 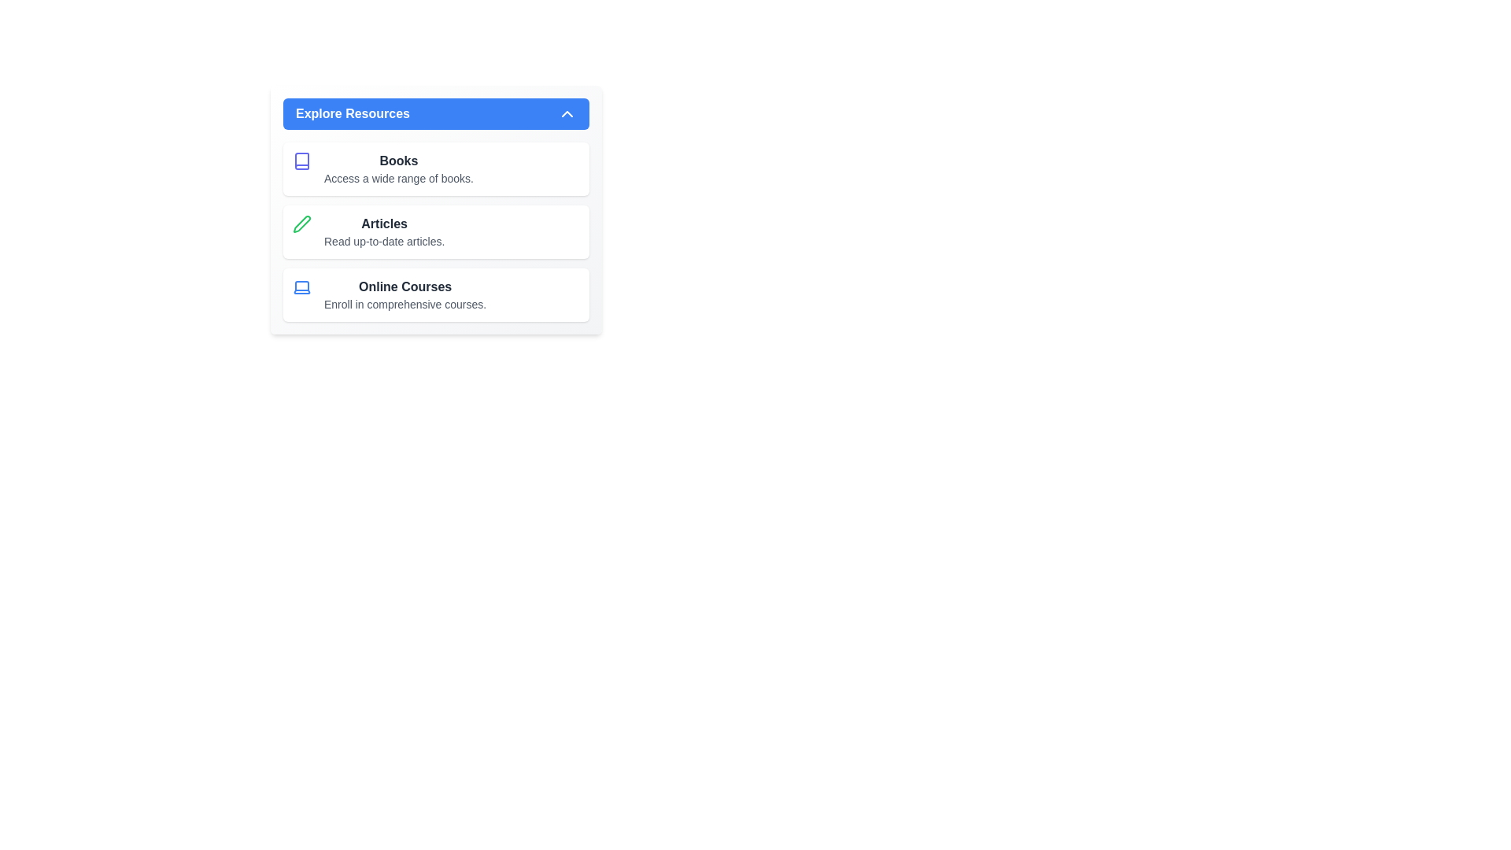 What do you see at coordinates (405, 294) in the screenshot?
I see `the third option in the 'Explore Resources' section, which allows navigation to online courses` at bounding box center [405, 294].